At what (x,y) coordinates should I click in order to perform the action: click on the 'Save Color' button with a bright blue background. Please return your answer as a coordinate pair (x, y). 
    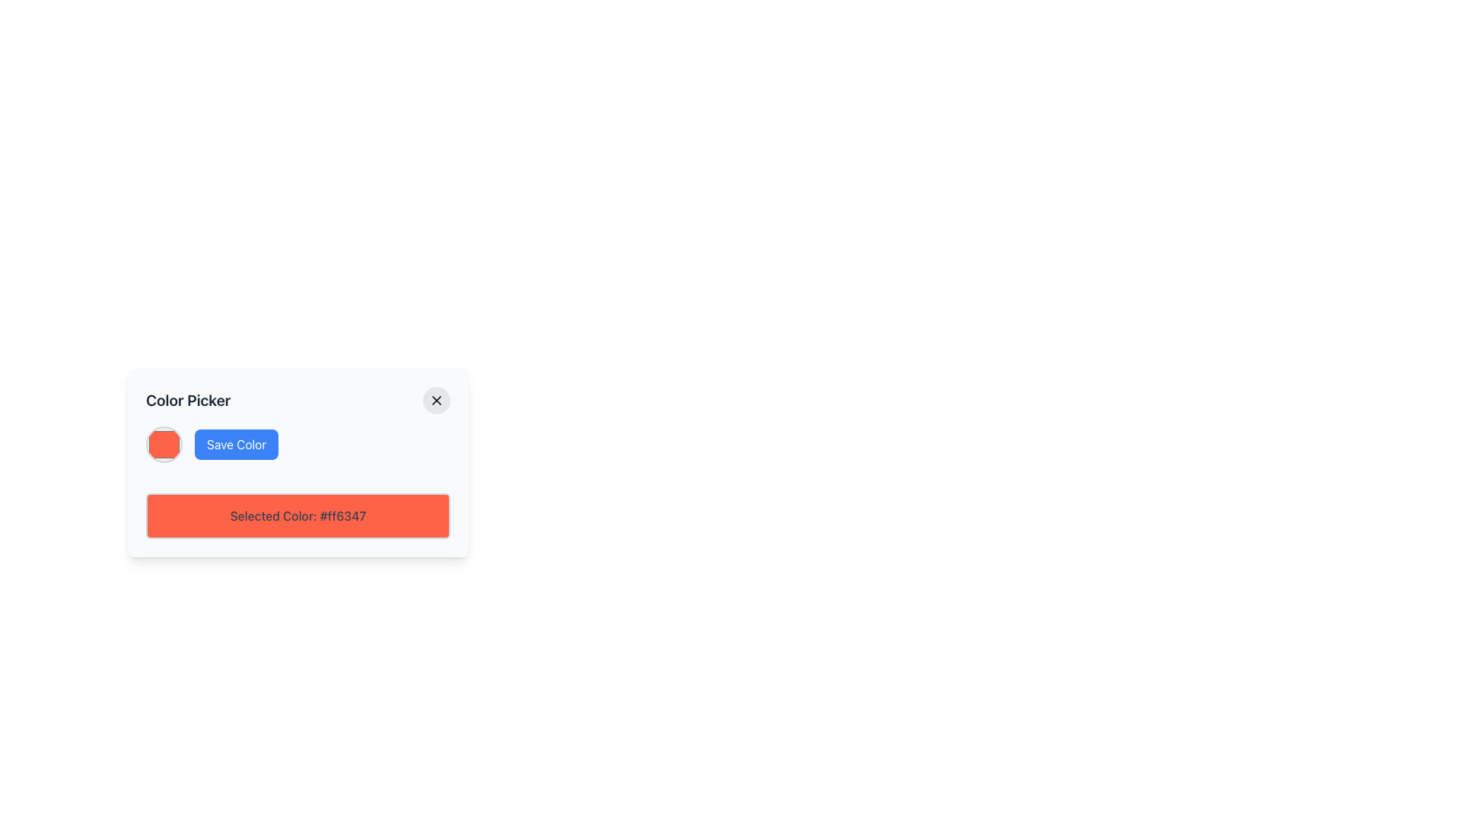
    Looking at the image, I should click on (236, 445).